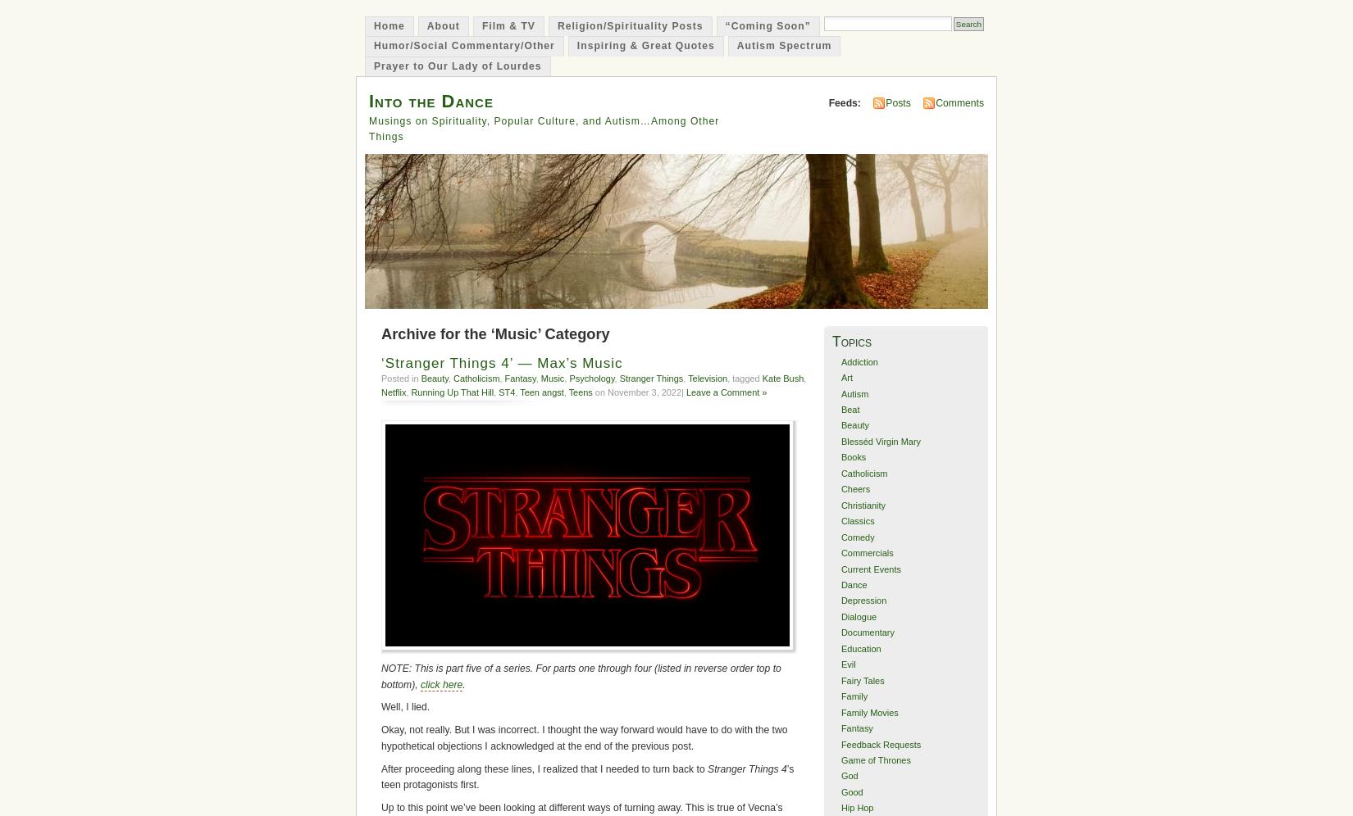 The width and height of the screenshot is (1353, 816). What do you see at coordinates (846, 377) in the screenshot?
I see `'Art'` at bounding box center [846, 377].